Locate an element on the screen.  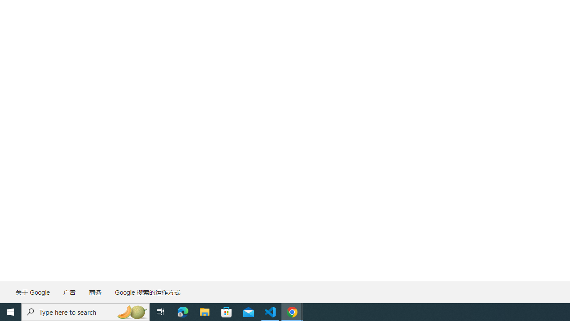
'Start' is located at coordinates (11, 311).